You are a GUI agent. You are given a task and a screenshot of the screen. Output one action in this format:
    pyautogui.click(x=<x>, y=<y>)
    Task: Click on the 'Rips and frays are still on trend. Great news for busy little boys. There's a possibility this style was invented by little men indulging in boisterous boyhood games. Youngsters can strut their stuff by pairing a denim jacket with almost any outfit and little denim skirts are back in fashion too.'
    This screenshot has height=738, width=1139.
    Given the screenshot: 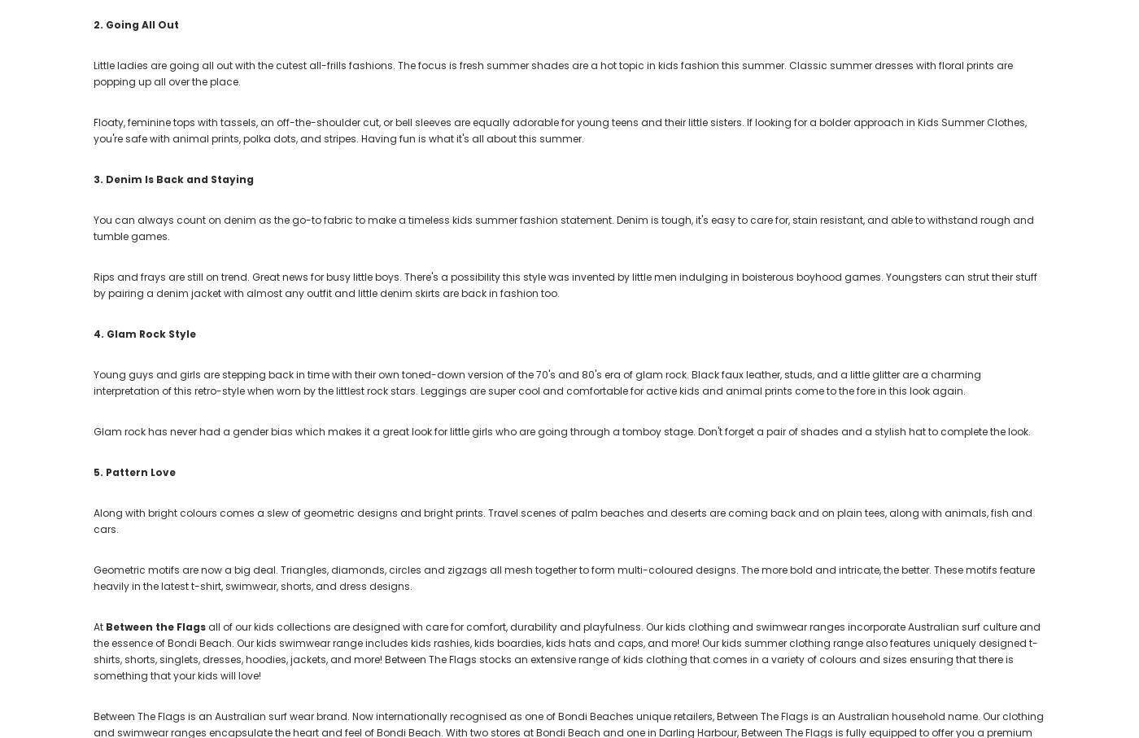 What is the action you would take?
    pyautogui.click(x=565, y=284)
    